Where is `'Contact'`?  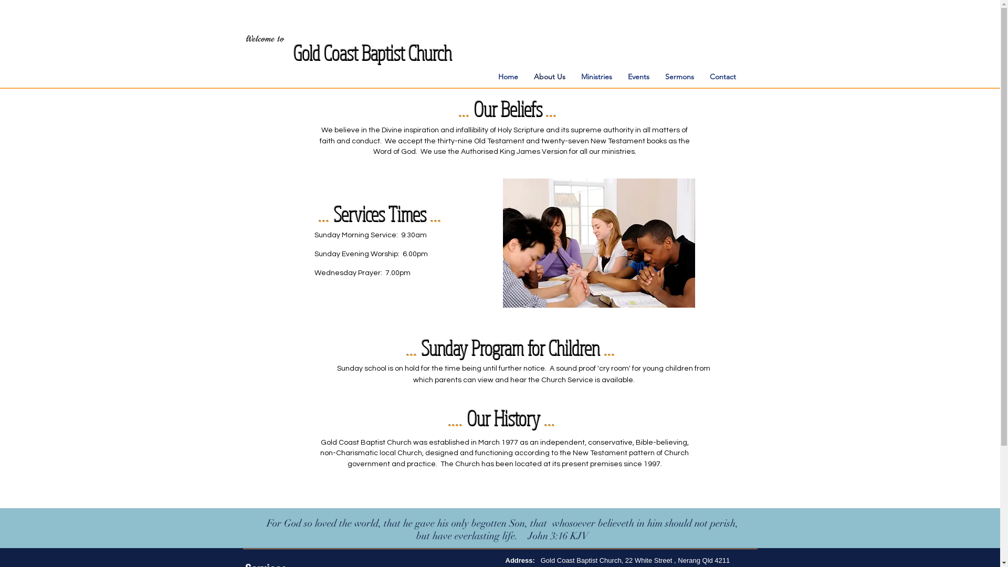 'Contact' is located at coordinates (722, 76).